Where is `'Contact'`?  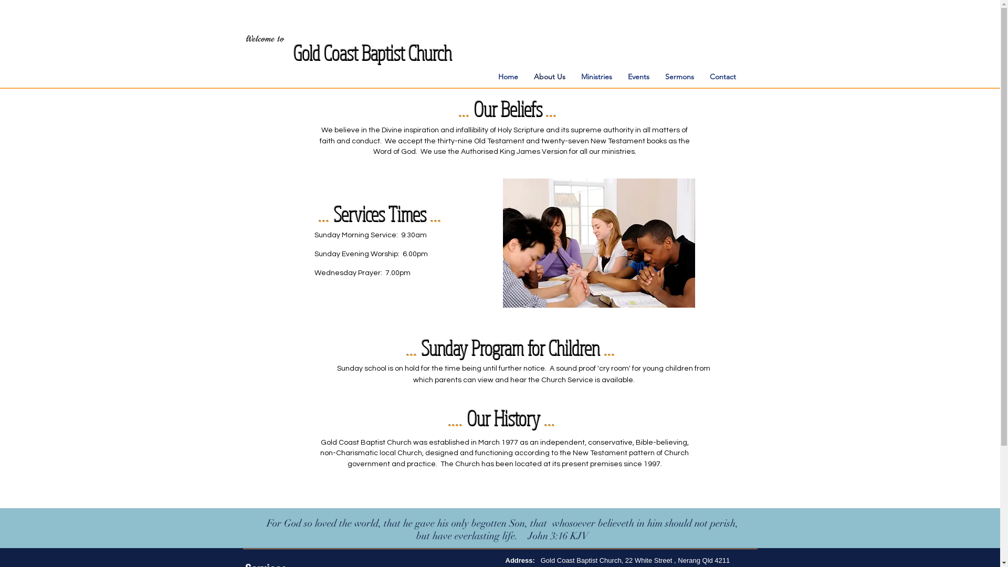 'Contact' is located at coordinates (722, 76).